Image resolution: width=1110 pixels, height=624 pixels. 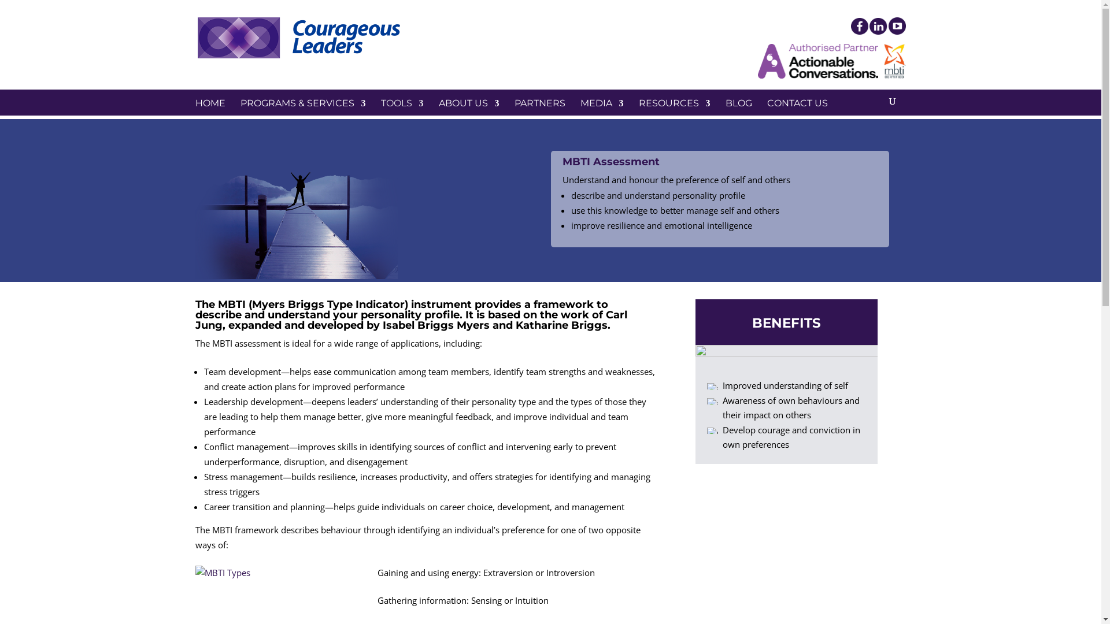 I want to click on 'HOME', so click(x=210, y=116).